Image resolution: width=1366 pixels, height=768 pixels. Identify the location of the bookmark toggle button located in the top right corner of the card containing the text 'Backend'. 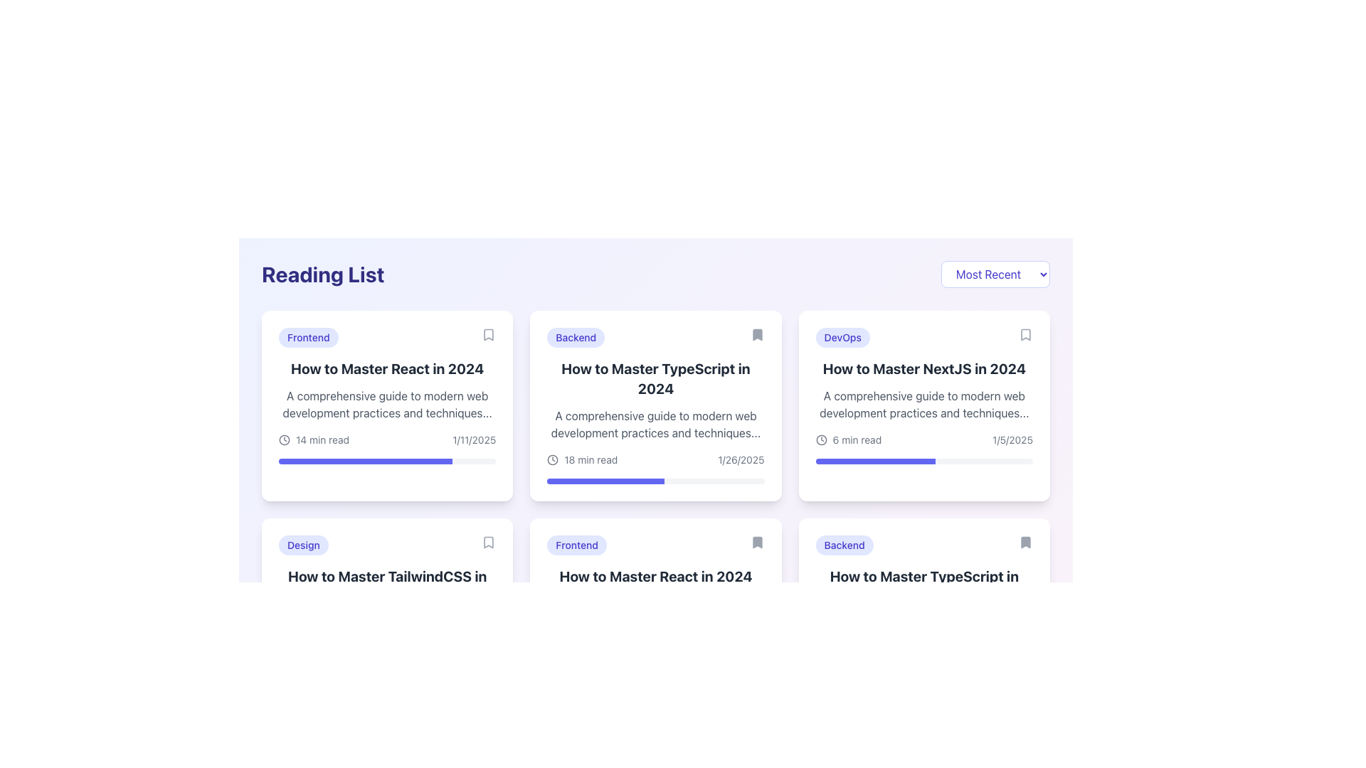
(756, 334).